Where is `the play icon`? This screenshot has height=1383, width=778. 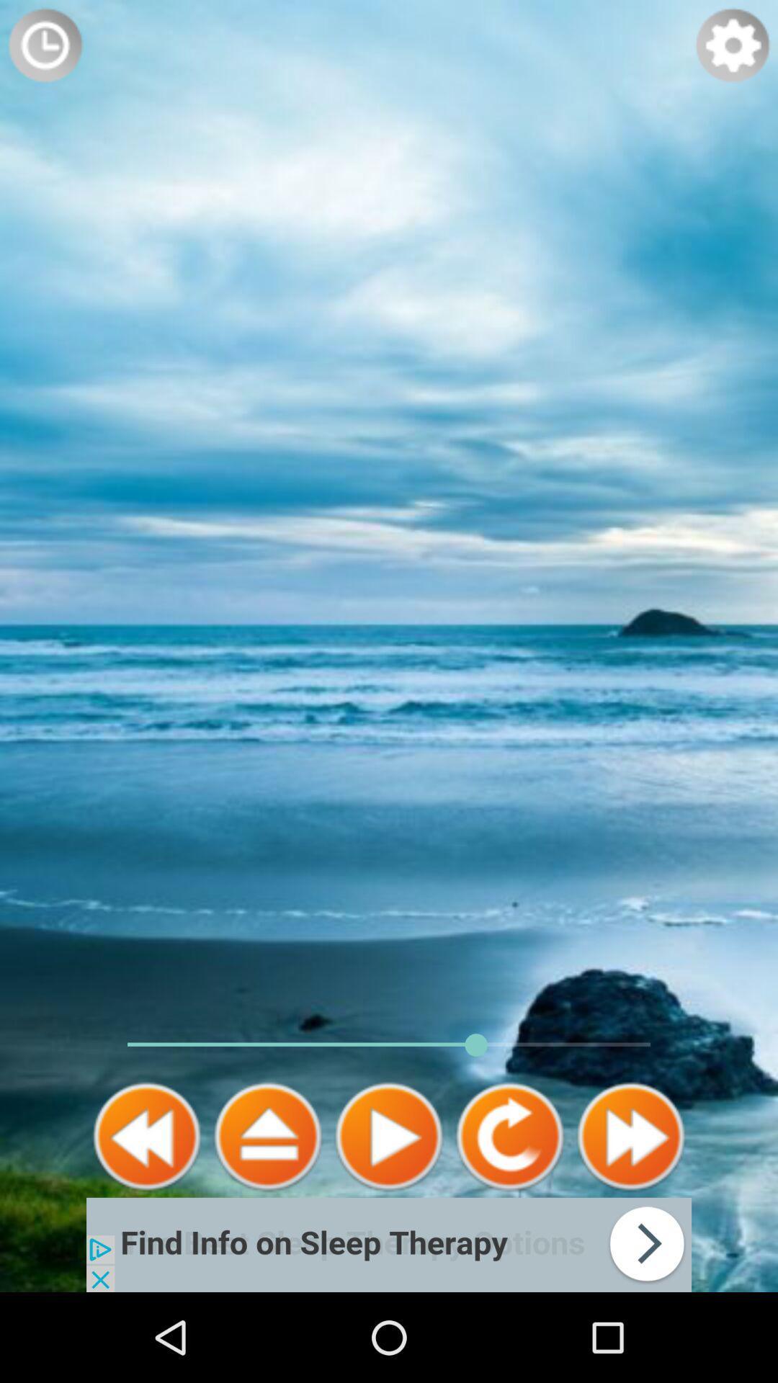 the play icon is located at coordinates (389, 1216).